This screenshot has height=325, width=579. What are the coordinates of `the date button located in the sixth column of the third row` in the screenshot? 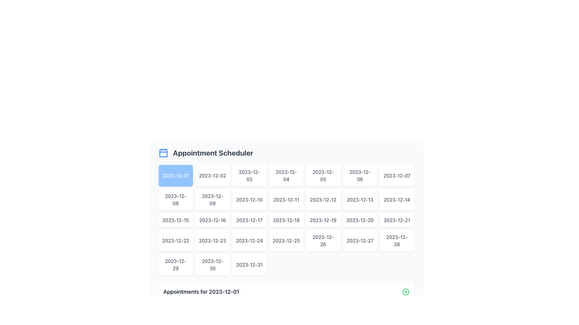 It's located at (397, 220).